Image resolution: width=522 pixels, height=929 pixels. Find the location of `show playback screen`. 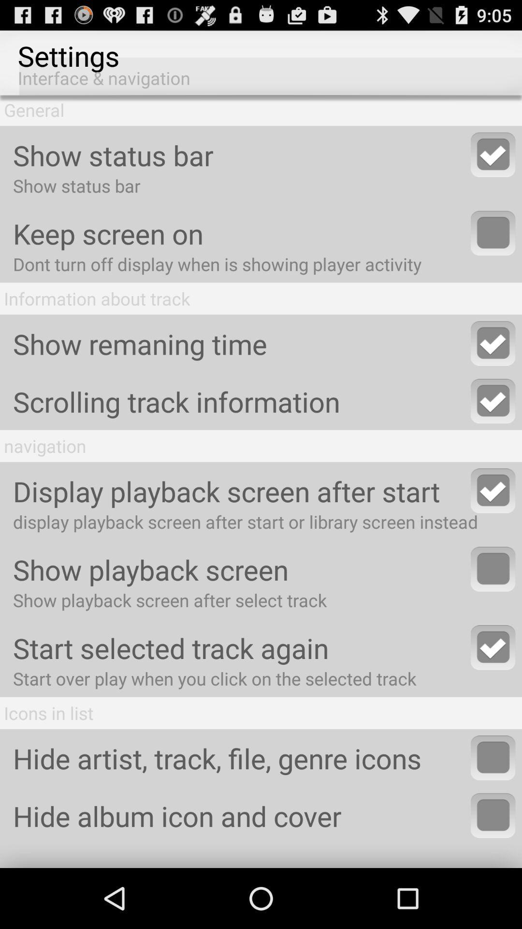

show playback screen is located at coordinates (493, 569).